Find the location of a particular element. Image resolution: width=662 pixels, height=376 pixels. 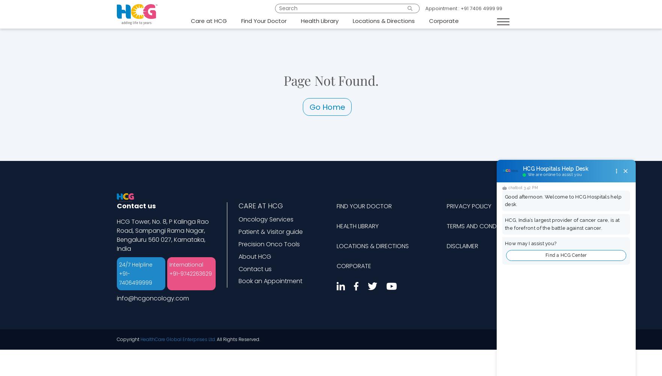

'International' is located at coordinates (185, 264).